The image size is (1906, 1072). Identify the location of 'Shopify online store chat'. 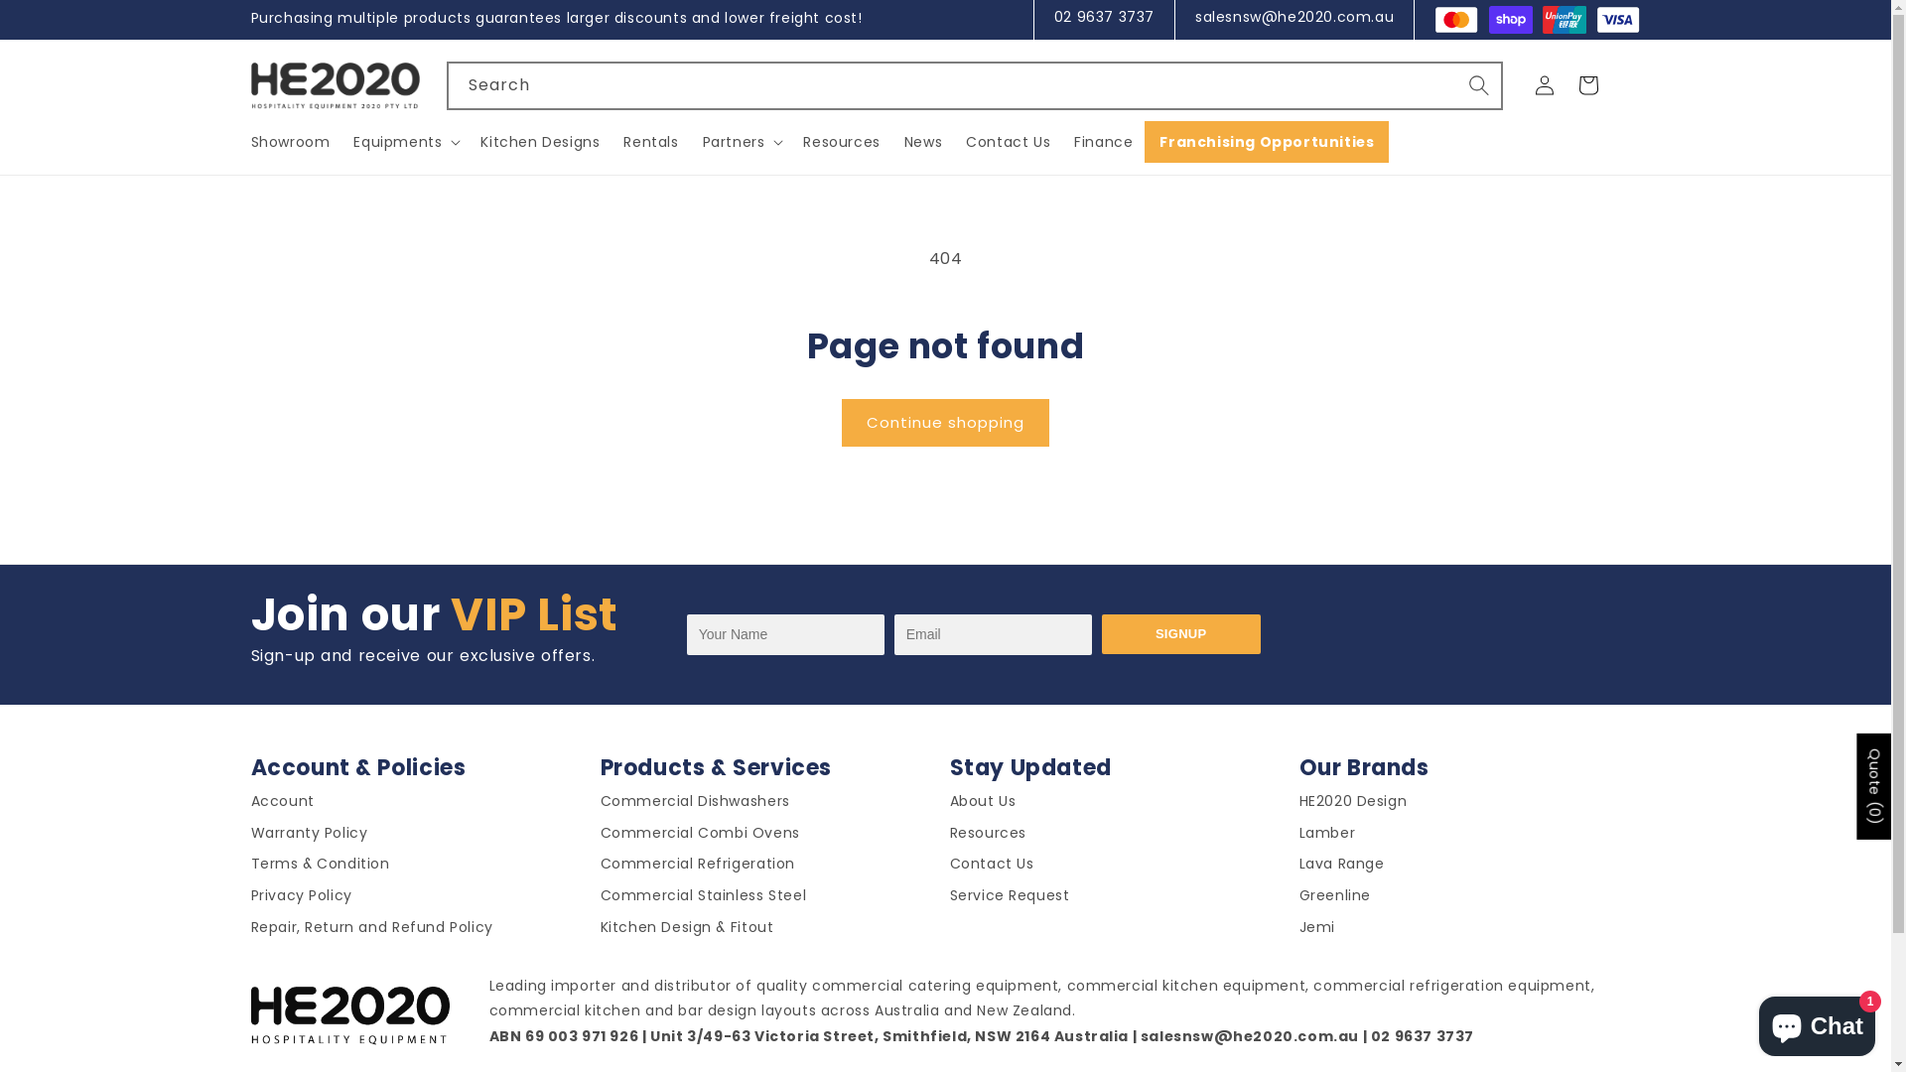
(1817, 1021).